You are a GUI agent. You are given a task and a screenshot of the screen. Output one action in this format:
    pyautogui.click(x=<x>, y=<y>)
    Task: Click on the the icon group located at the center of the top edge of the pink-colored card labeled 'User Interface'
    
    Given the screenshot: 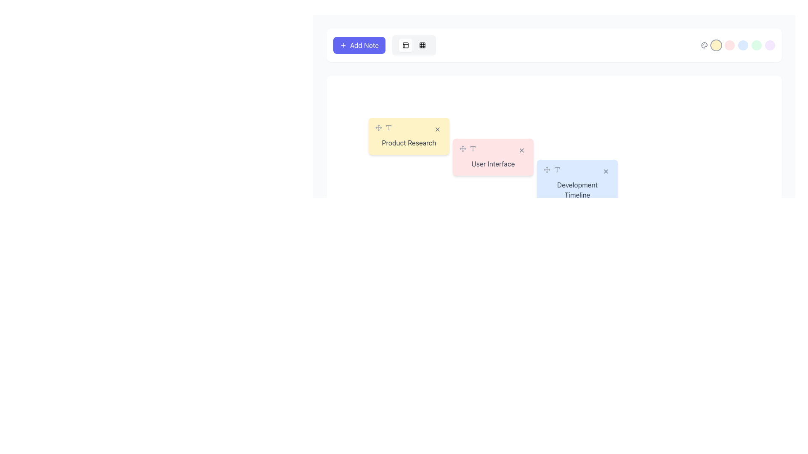 What is the action you would take?
    pyautogui.click(x=468, y=148)
    